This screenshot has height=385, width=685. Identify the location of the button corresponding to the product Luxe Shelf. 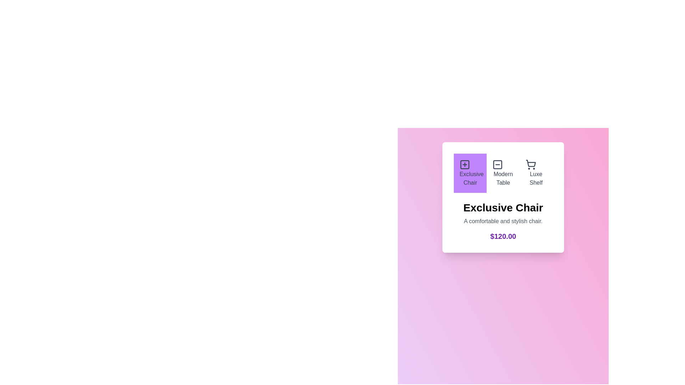
(536, 173).